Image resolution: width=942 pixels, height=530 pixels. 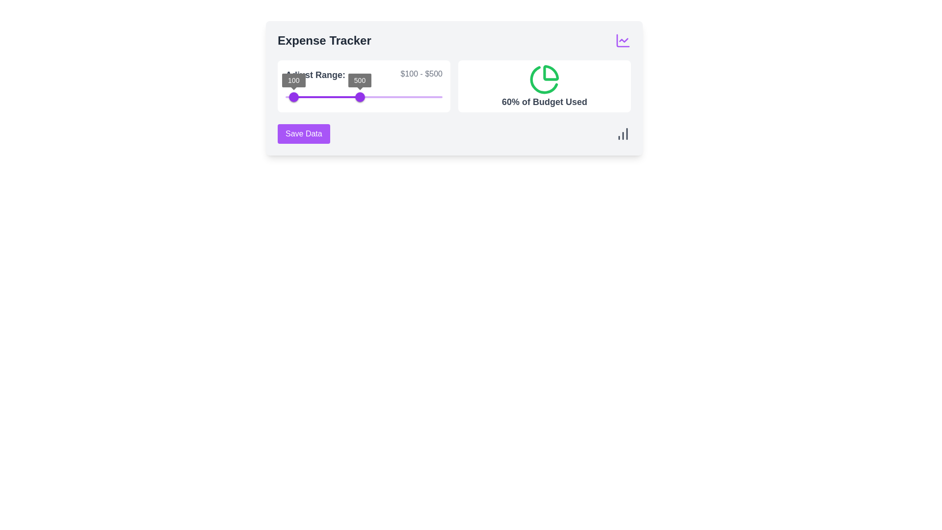 What do you see at coordinates (381, 98) in the screenshot?
I see `the target slider's value` at bounding box center [381, 98].